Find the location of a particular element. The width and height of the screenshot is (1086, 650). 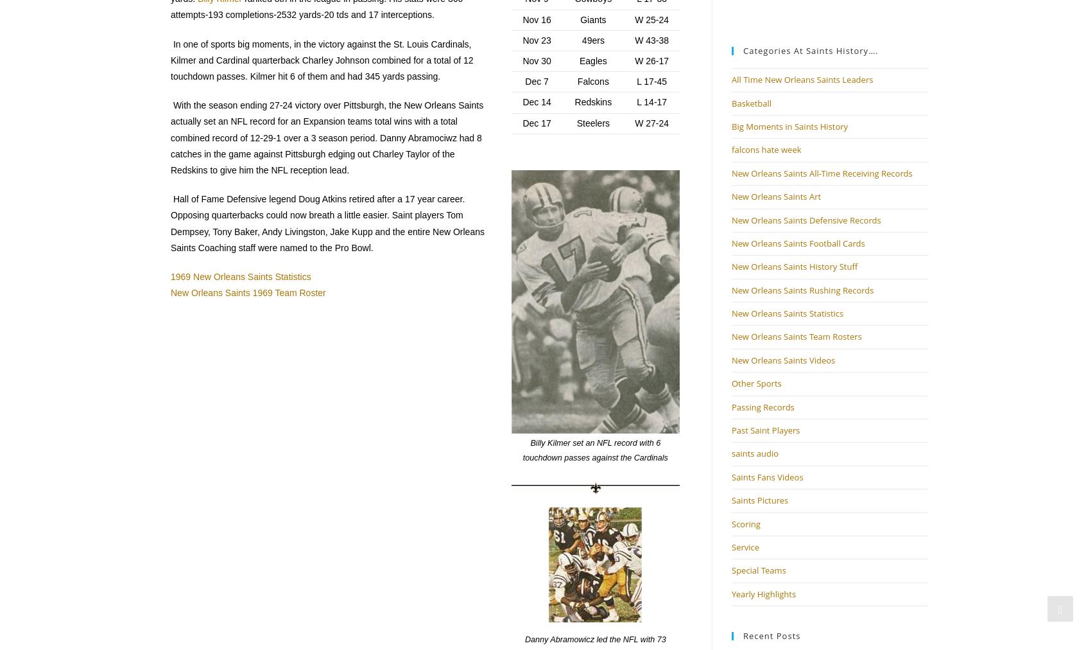

'Billy Kilmer set an NFL record with 6 touchdown passes against the Cardinals' is located at coordinates (522, 450).